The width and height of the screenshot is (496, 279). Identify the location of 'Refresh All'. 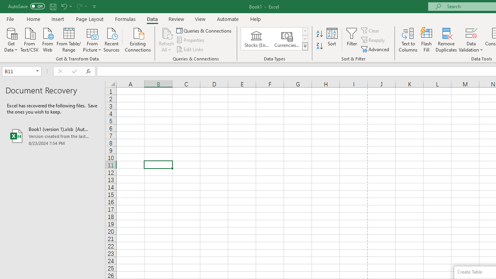
(166, 33).